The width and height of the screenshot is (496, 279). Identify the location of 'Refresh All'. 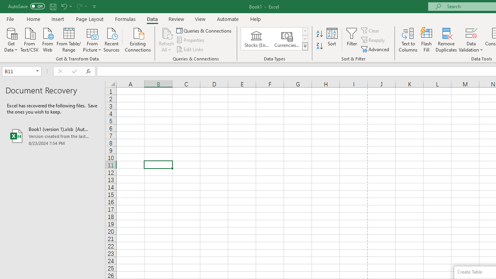
(166, 33).